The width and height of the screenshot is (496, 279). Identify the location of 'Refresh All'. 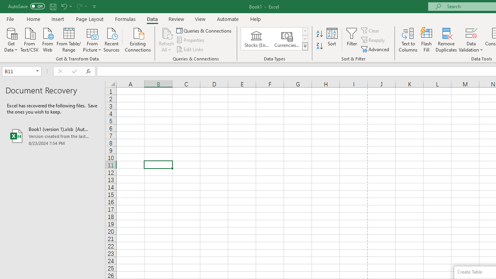
(166, 33).